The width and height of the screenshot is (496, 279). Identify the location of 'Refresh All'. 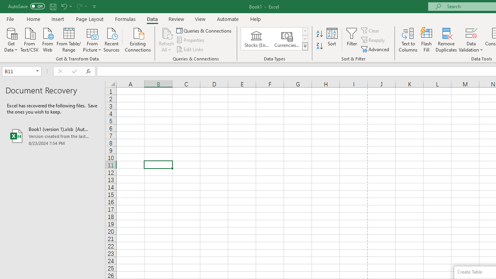
(166, 33).